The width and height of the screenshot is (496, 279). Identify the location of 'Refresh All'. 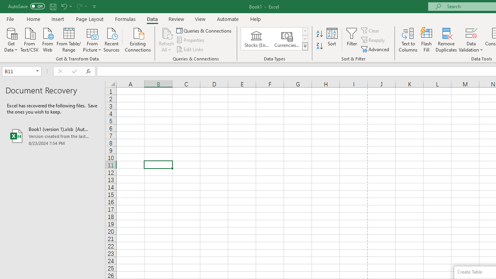
(166, 33).